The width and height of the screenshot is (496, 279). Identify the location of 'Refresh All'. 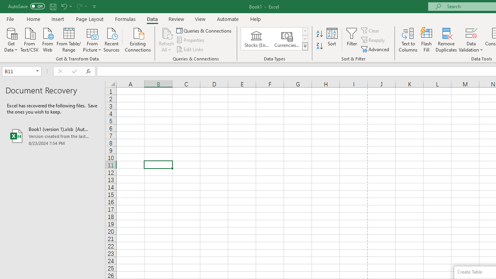
(166, 33).